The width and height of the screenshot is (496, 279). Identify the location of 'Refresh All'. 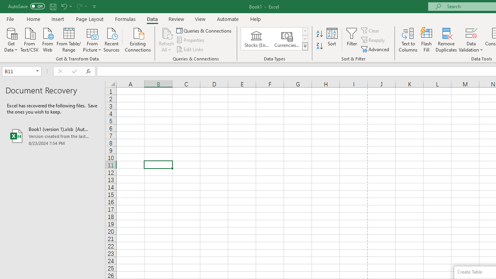
(166, 33).